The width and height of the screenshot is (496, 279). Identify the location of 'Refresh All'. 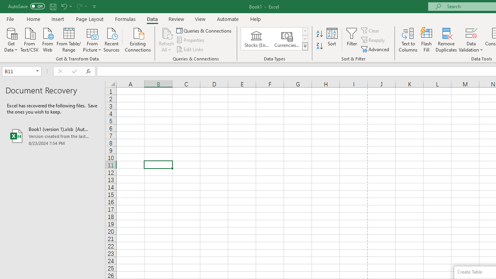
(166, 33).